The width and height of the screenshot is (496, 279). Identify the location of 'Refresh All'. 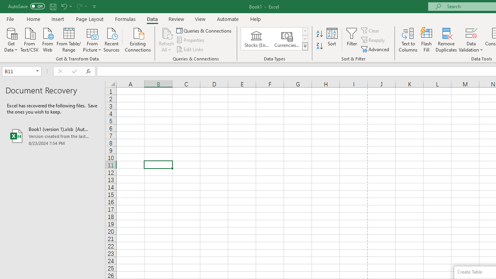
(166, 33).